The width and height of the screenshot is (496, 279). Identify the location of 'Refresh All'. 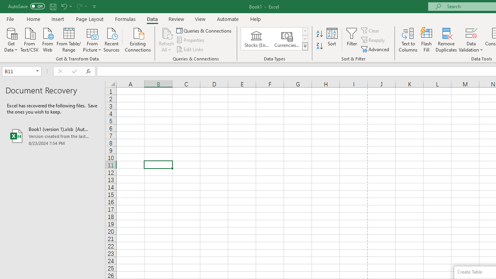
(166, 33).